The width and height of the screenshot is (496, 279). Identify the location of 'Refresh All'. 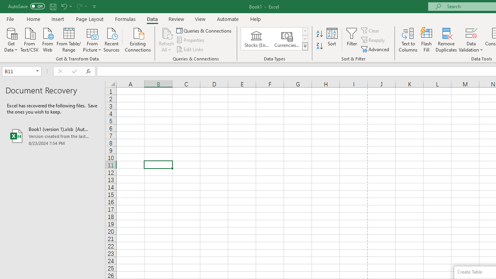
(166, 33).